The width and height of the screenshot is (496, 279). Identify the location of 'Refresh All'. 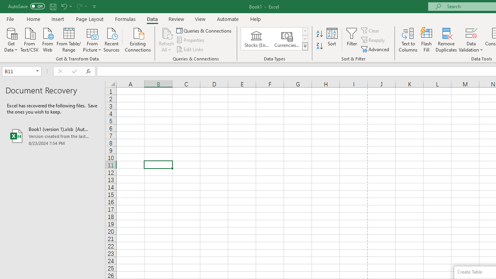
(166, 33).